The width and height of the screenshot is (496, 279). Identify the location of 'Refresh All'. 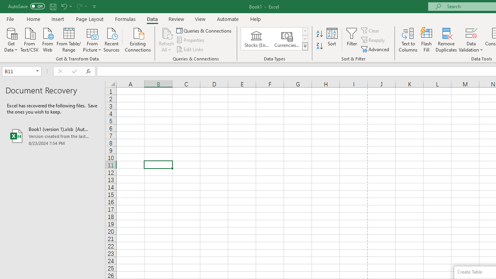
(166, 33).